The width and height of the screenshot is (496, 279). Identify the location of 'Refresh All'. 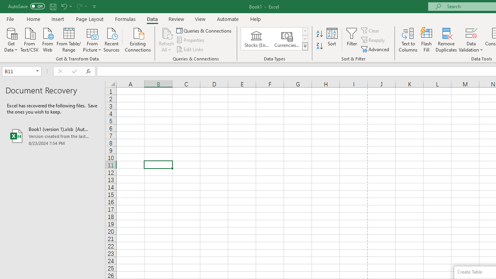
(166, 33).